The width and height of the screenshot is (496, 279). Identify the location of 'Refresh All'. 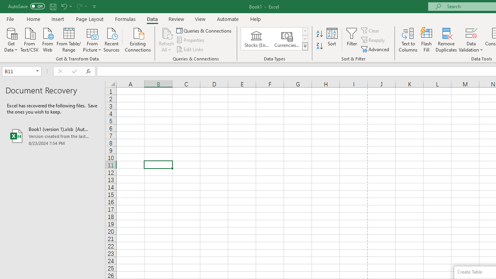
(166, 33).